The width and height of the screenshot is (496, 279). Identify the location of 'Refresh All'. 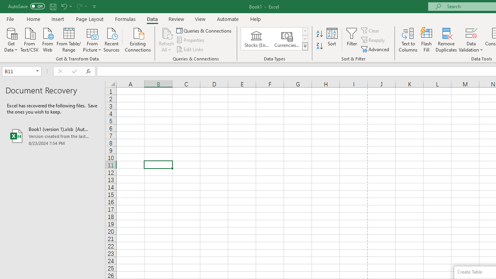
(166, 33).